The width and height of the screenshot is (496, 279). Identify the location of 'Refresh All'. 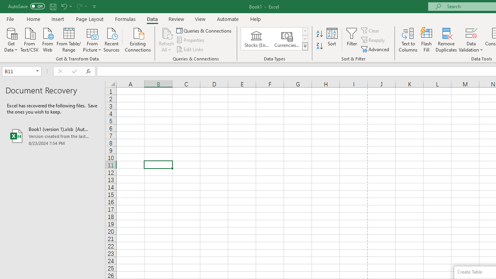
(166, 33).